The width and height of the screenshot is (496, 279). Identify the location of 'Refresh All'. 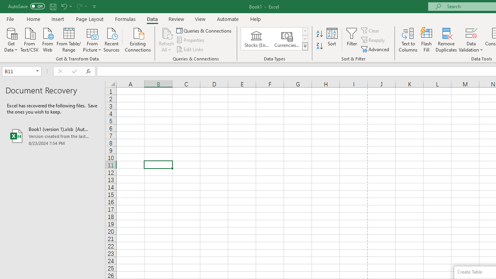
(166, 33).